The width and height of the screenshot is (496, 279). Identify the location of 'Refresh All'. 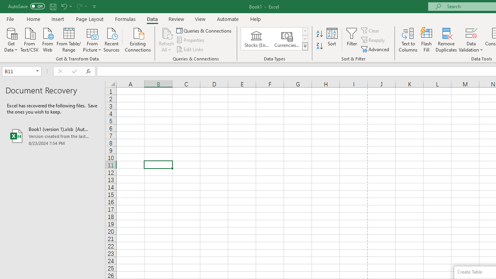
(166, 33).